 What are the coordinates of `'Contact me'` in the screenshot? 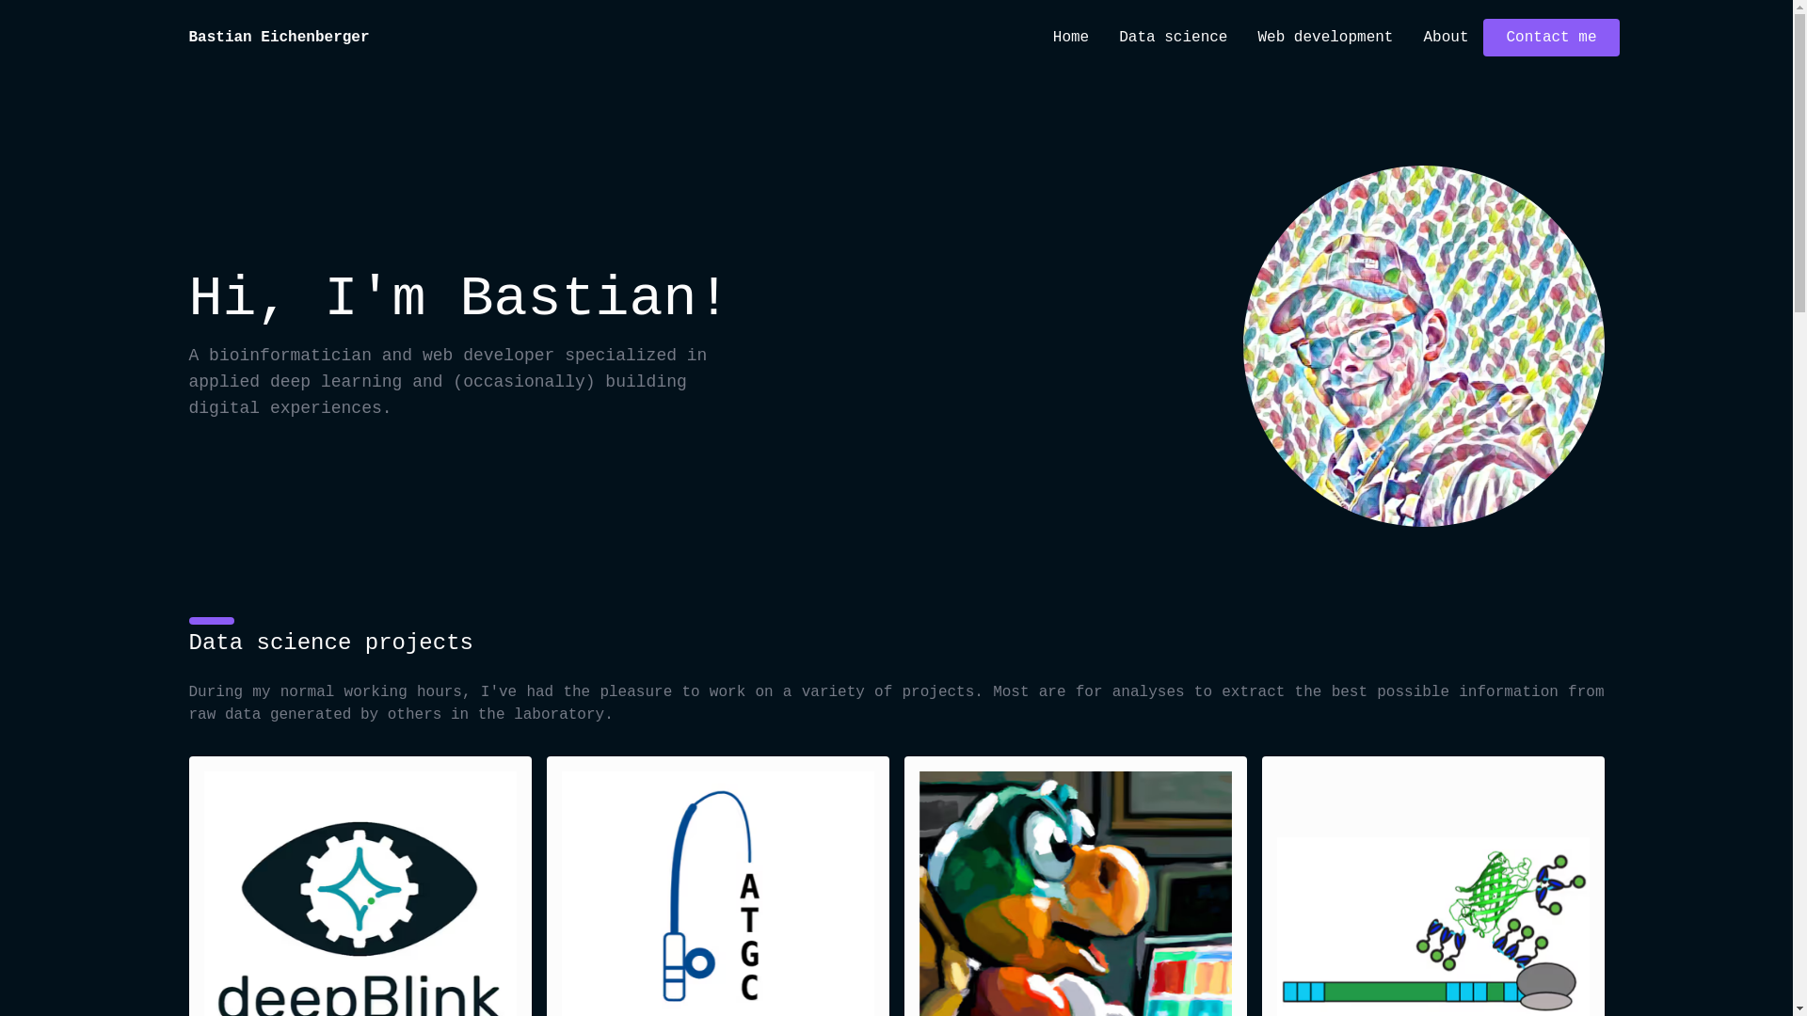 It's located at (1550, 37).